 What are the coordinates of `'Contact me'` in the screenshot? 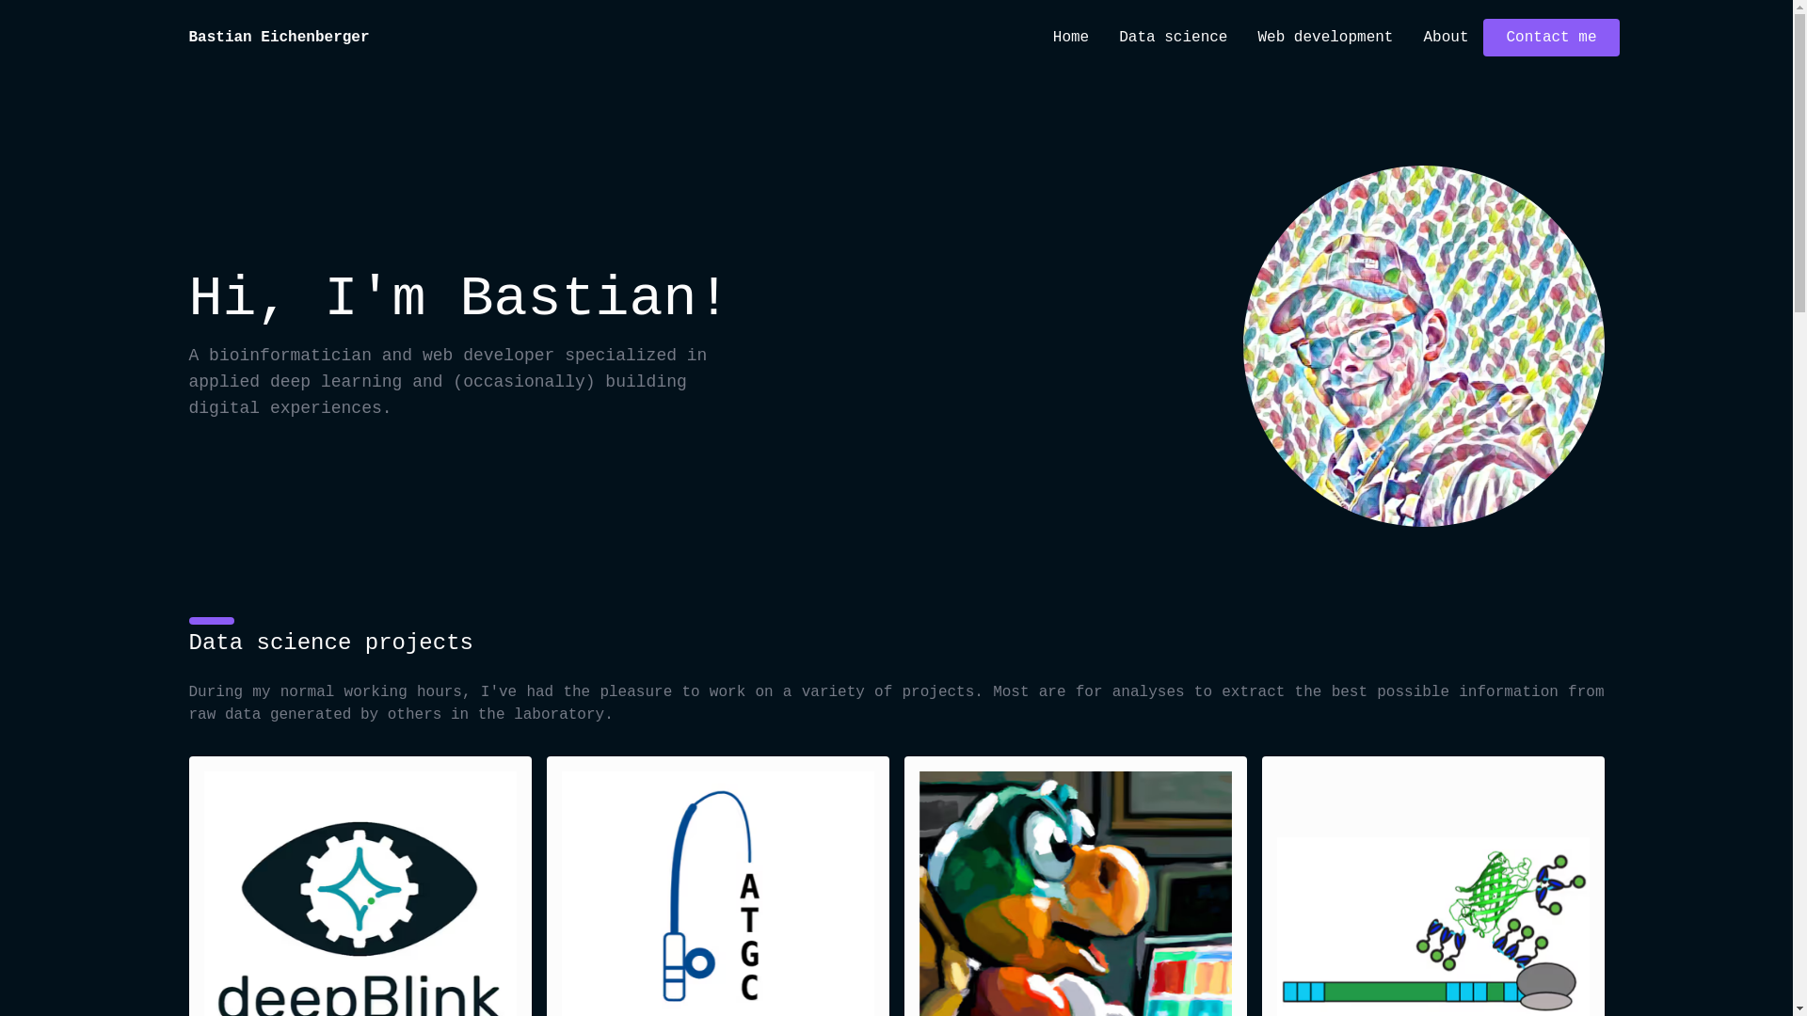 It's located at (1550, 37).